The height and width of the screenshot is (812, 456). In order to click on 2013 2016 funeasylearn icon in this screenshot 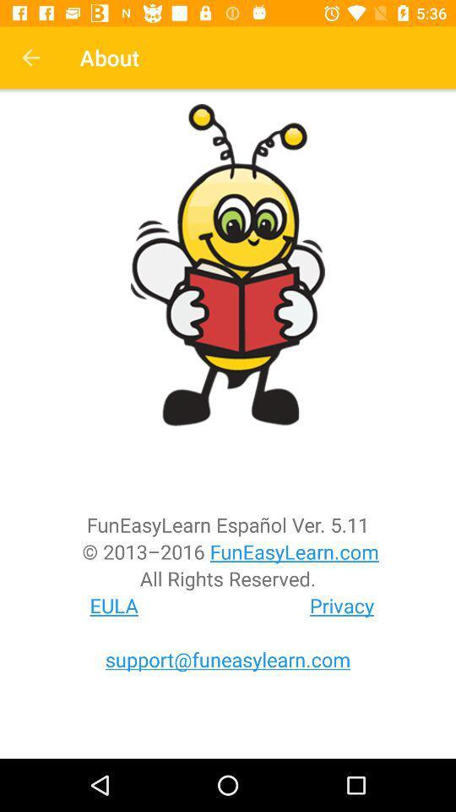, I will do `click(228, 551)`.